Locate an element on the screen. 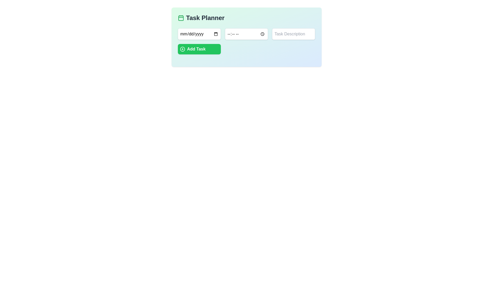 The height and width of the screenshot is (281, 500). the circular UI component with a green stroke and red fill, which is centered within the button labeled 'Add Task' in the task planner interface is located at coordinates (182, 49).